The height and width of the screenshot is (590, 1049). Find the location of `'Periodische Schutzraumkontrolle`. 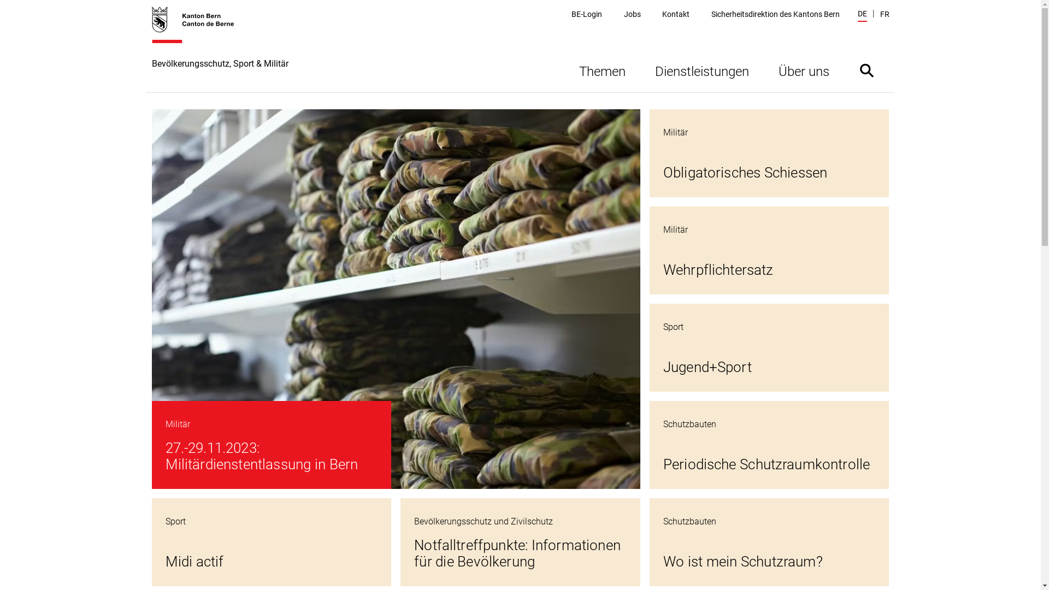

'Periodische Schutzraumkontrolle is located at coordinates (769, 445).